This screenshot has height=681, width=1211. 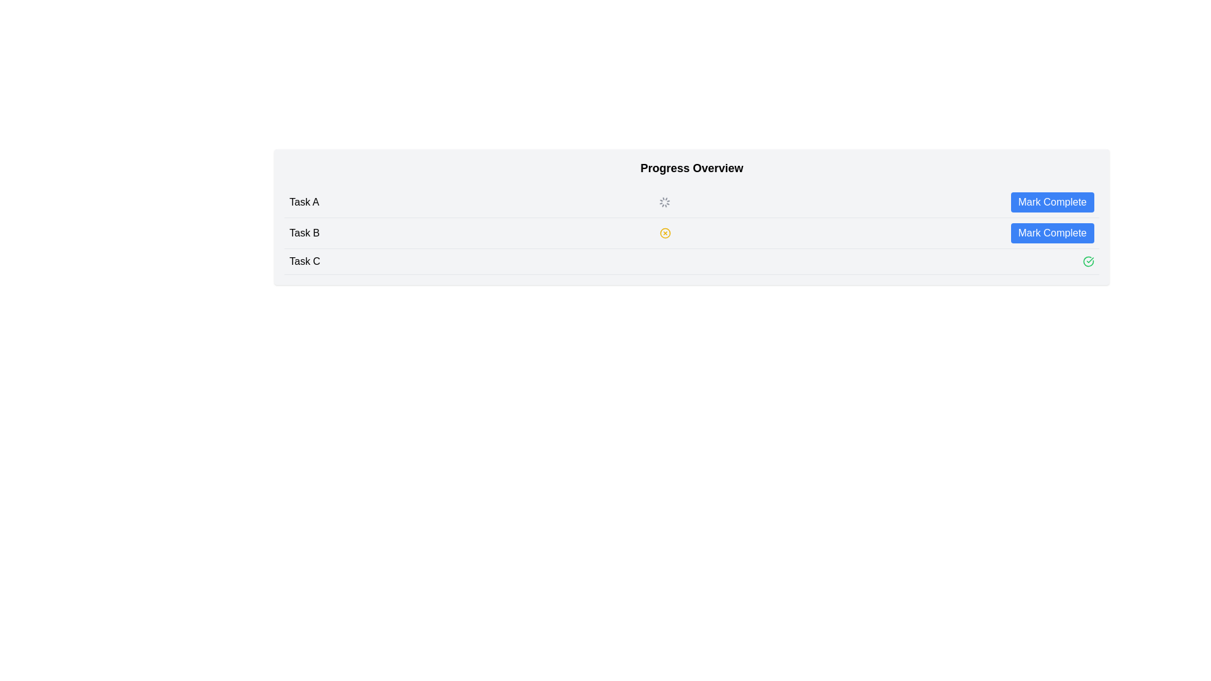 I want to click on the 'Mark Complete' button, which is a rectangular button with a blue background and white text, located on the far right of the row containing 'Task A', so click(x=1052, y=201).